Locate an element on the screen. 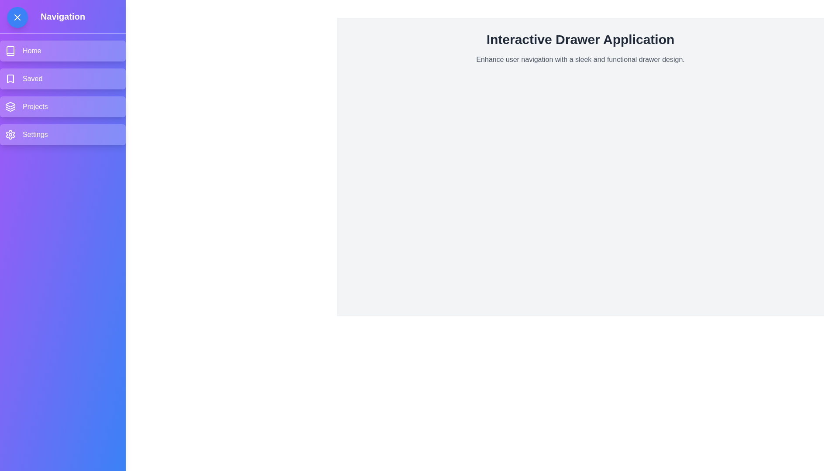 The image size is (838, 471). the menu item labeled Settings in the drawer is located at coordinates (62, 134).